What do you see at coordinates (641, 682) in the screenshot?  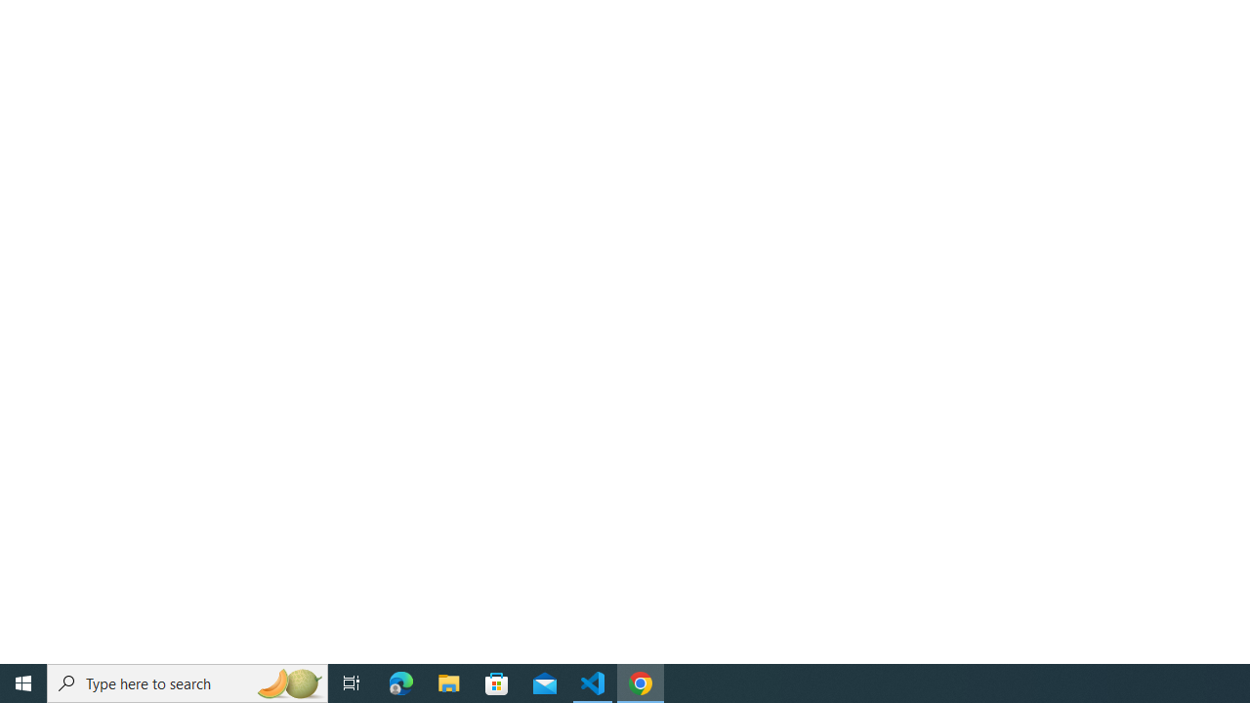 I see `'Google Chrome - 1 running window'` at bounding box center [641, 682].